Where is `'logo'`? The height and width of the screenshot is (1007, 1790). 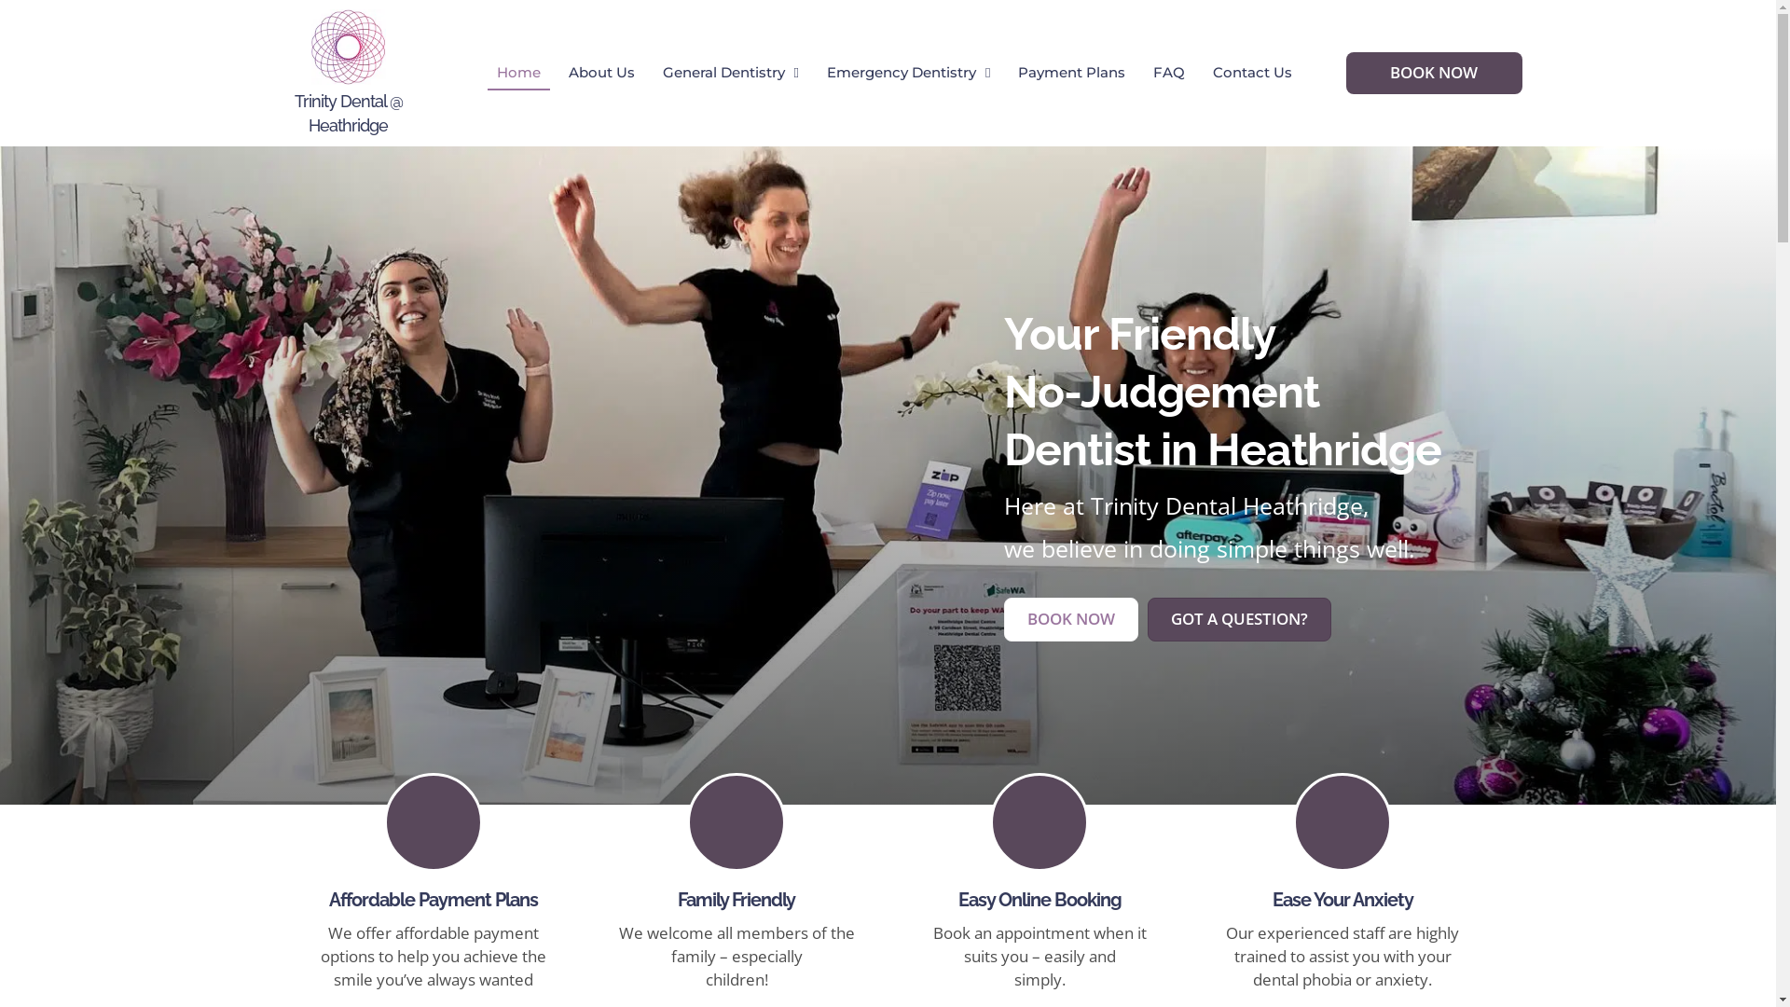 'logo' is located at coordinates (349, 46).